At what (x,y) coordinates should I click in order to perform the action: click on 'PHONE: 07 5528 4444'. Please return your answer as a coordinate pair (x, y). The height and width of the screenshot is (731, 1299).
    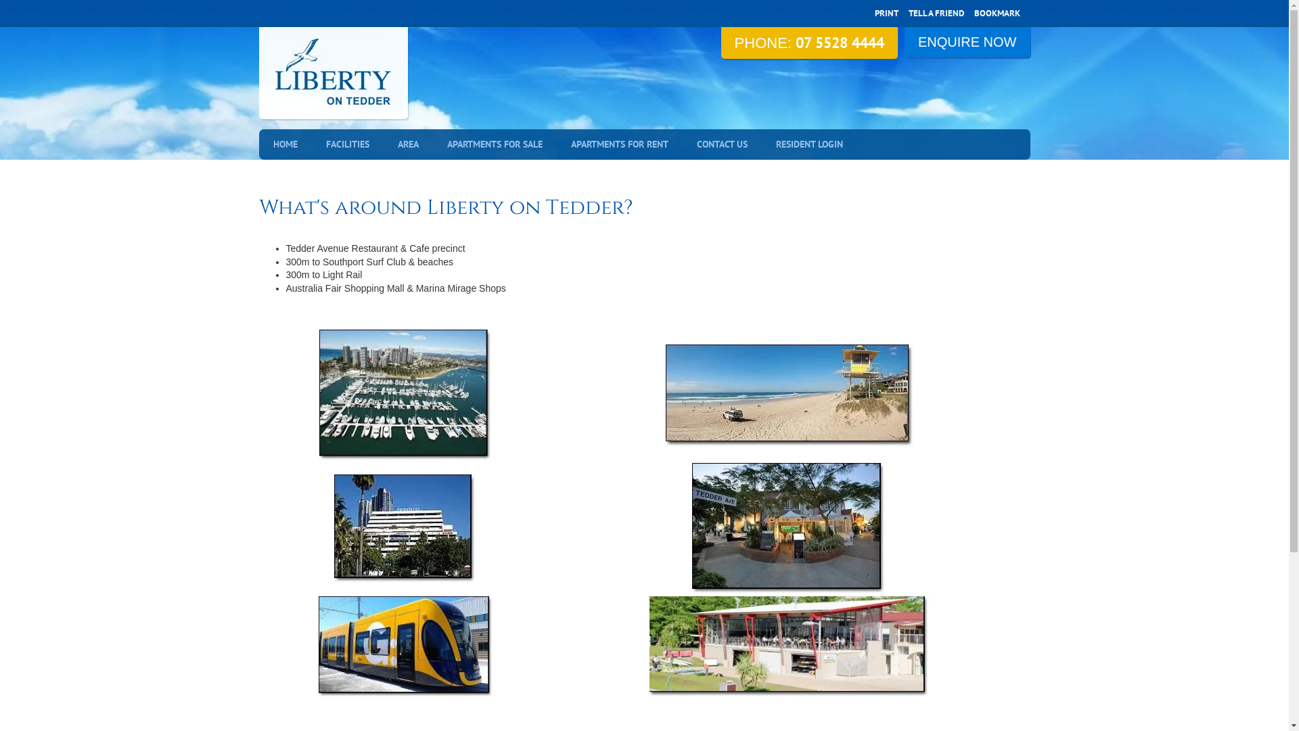
    Looking at the image, I should click on (809, 42).